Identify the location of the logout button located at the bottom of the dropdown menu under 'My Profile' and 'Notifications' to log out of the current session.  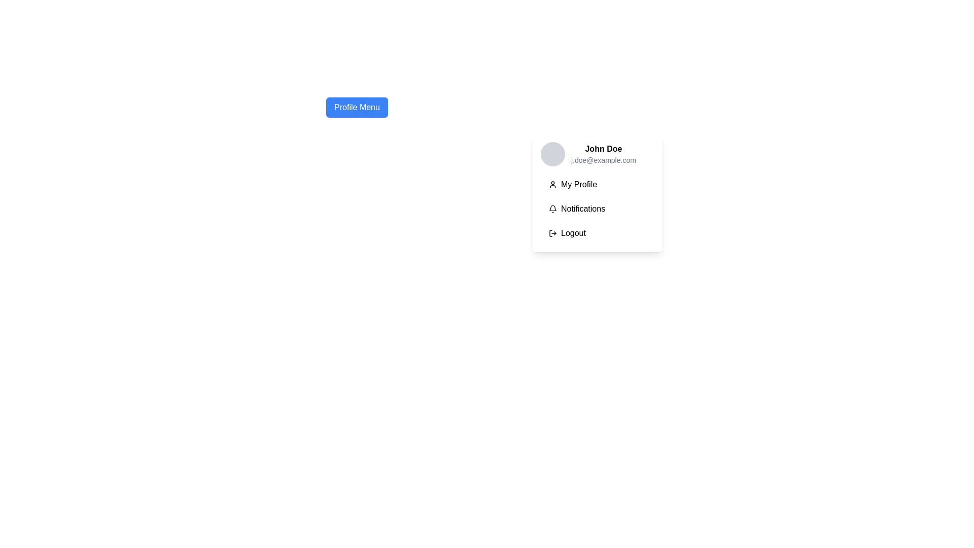
(597, 233).